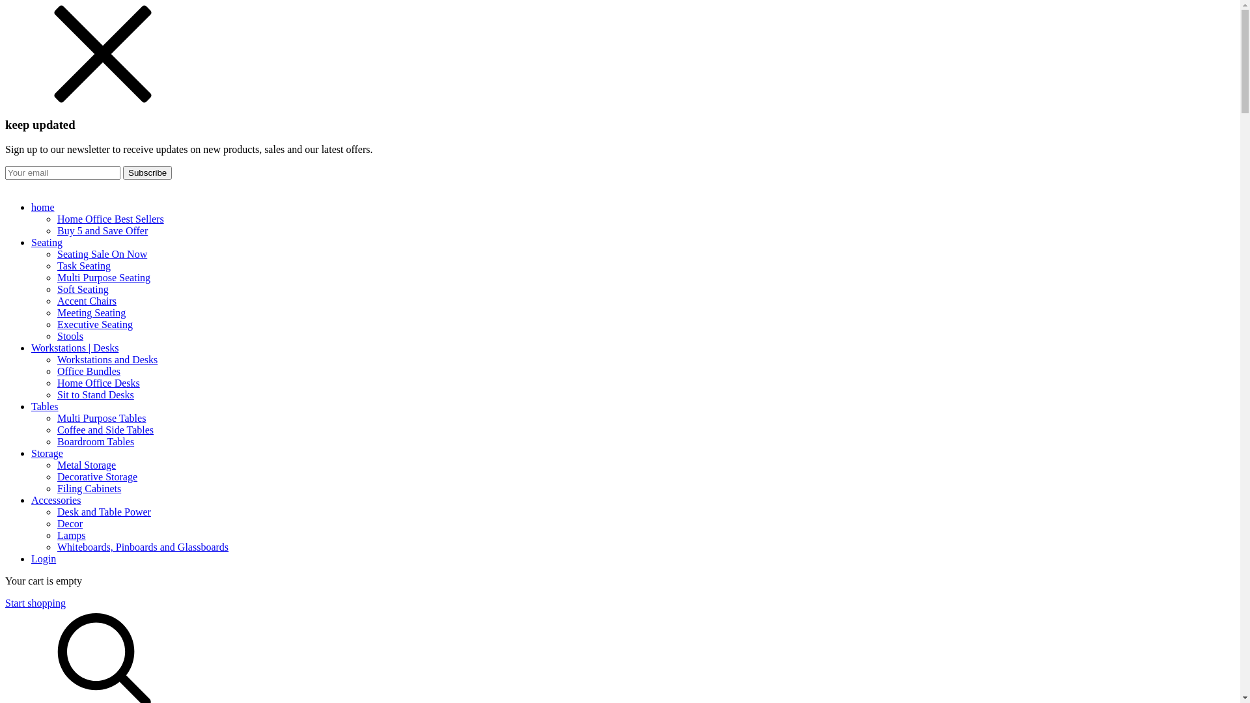 The width and height of the screenshot is (1250, 703). Describe the element at coordinates (56, 312) in the screenshot. I see `'Meeting Seating'` at that location.